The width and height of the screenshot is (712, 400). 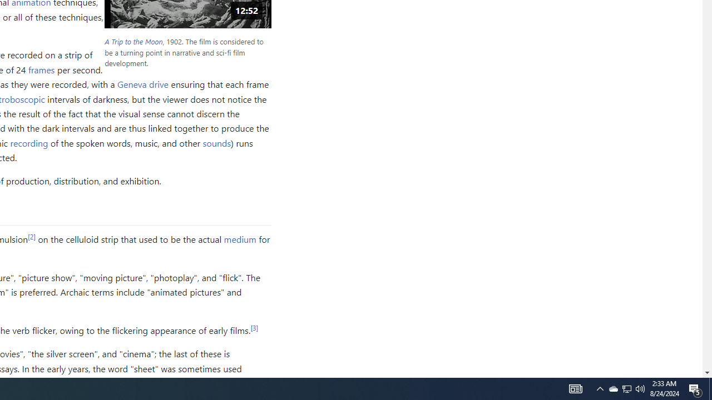 What do you see at coordinates (29, 142) in the screenshot?
I see `'recording'` at bounding box center [29, 142].